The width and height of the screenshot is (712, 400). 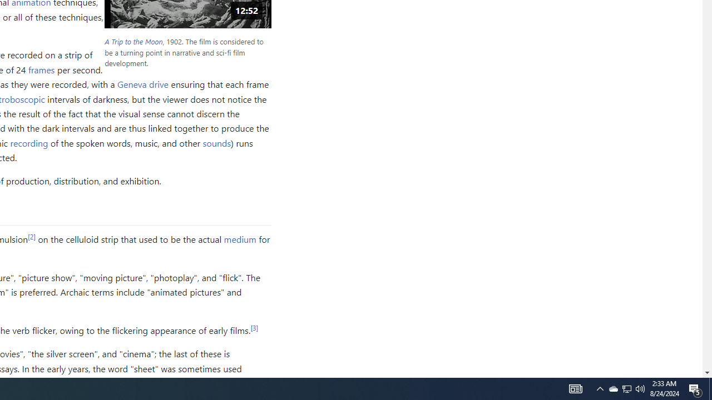 What do you see at coordinates (29, 142) in the screenshot?
I see `'recording'` at bounding box center [29, 142].